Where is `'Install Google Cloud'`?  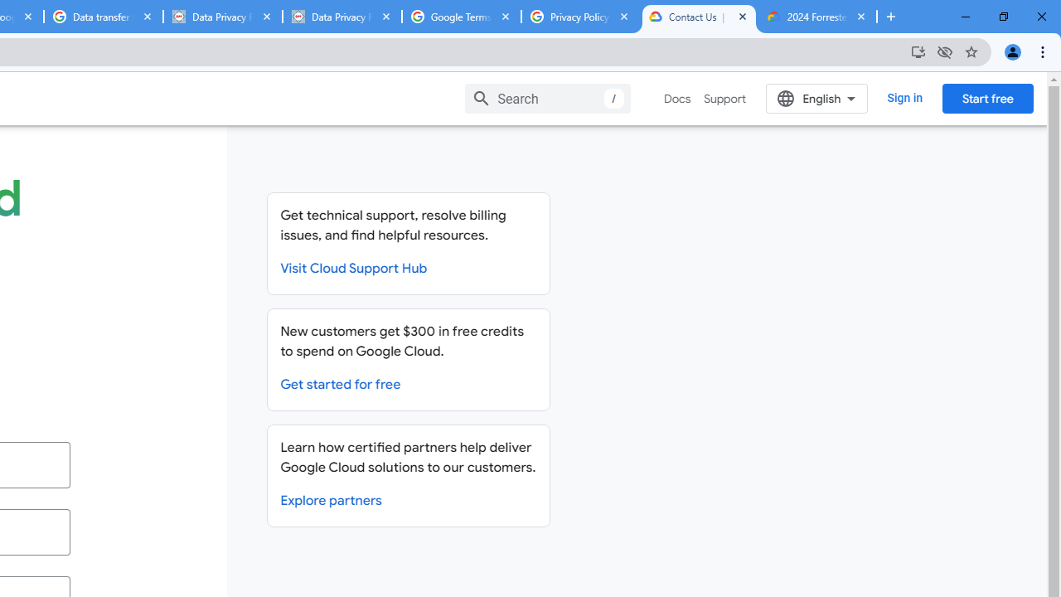
'Install Google Cloud' is located at coordinates (917, 51).